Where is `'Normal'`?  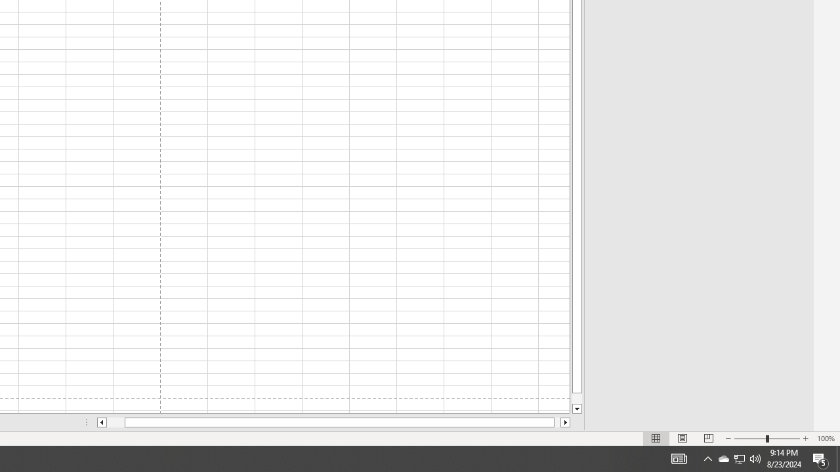
'Normal' is located at coordinates (656, 439).